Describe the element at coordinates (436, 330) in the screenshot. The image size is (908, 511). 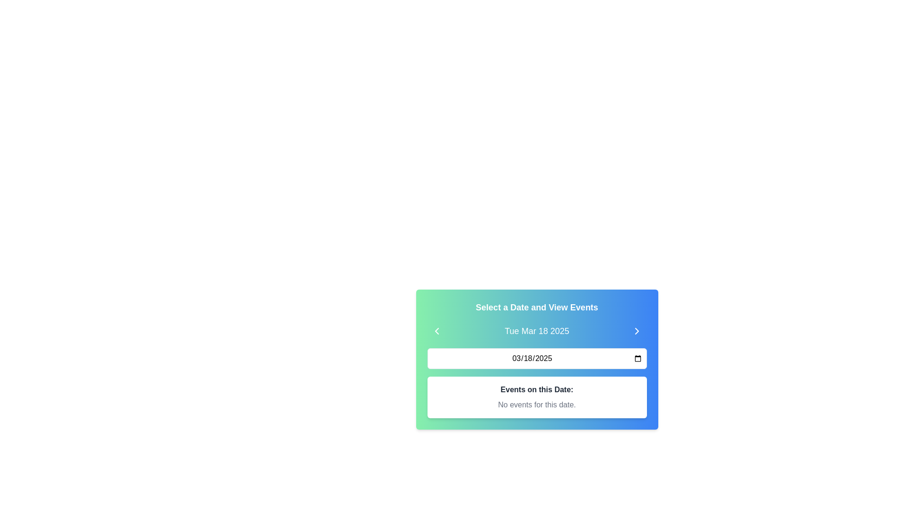
I see `the chevron-left icon` at that location.